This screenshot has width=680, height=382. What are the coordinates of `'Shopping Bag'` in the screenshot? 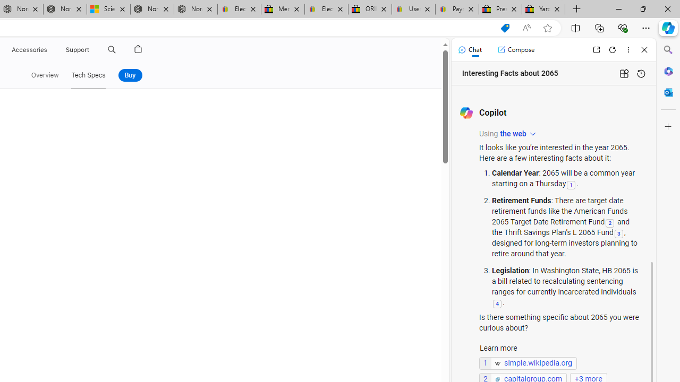 It's located at (138, 49).